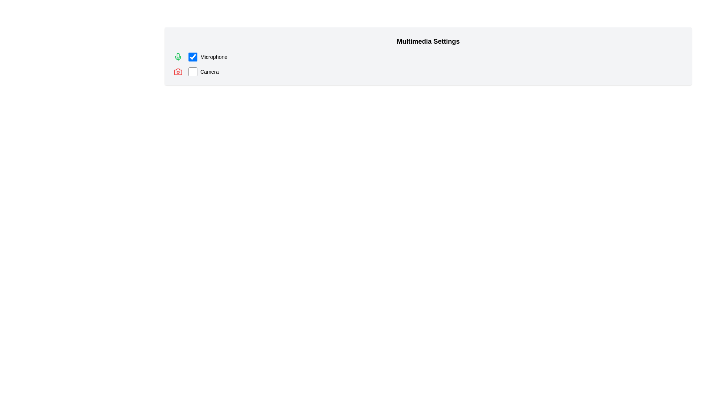 This screenshot has height=400, width=711. I want to click on the label element that describes the adjacent checkbox, which is named 'Microphone', located centrally within the multimedia settings panel, so click(213, 57).